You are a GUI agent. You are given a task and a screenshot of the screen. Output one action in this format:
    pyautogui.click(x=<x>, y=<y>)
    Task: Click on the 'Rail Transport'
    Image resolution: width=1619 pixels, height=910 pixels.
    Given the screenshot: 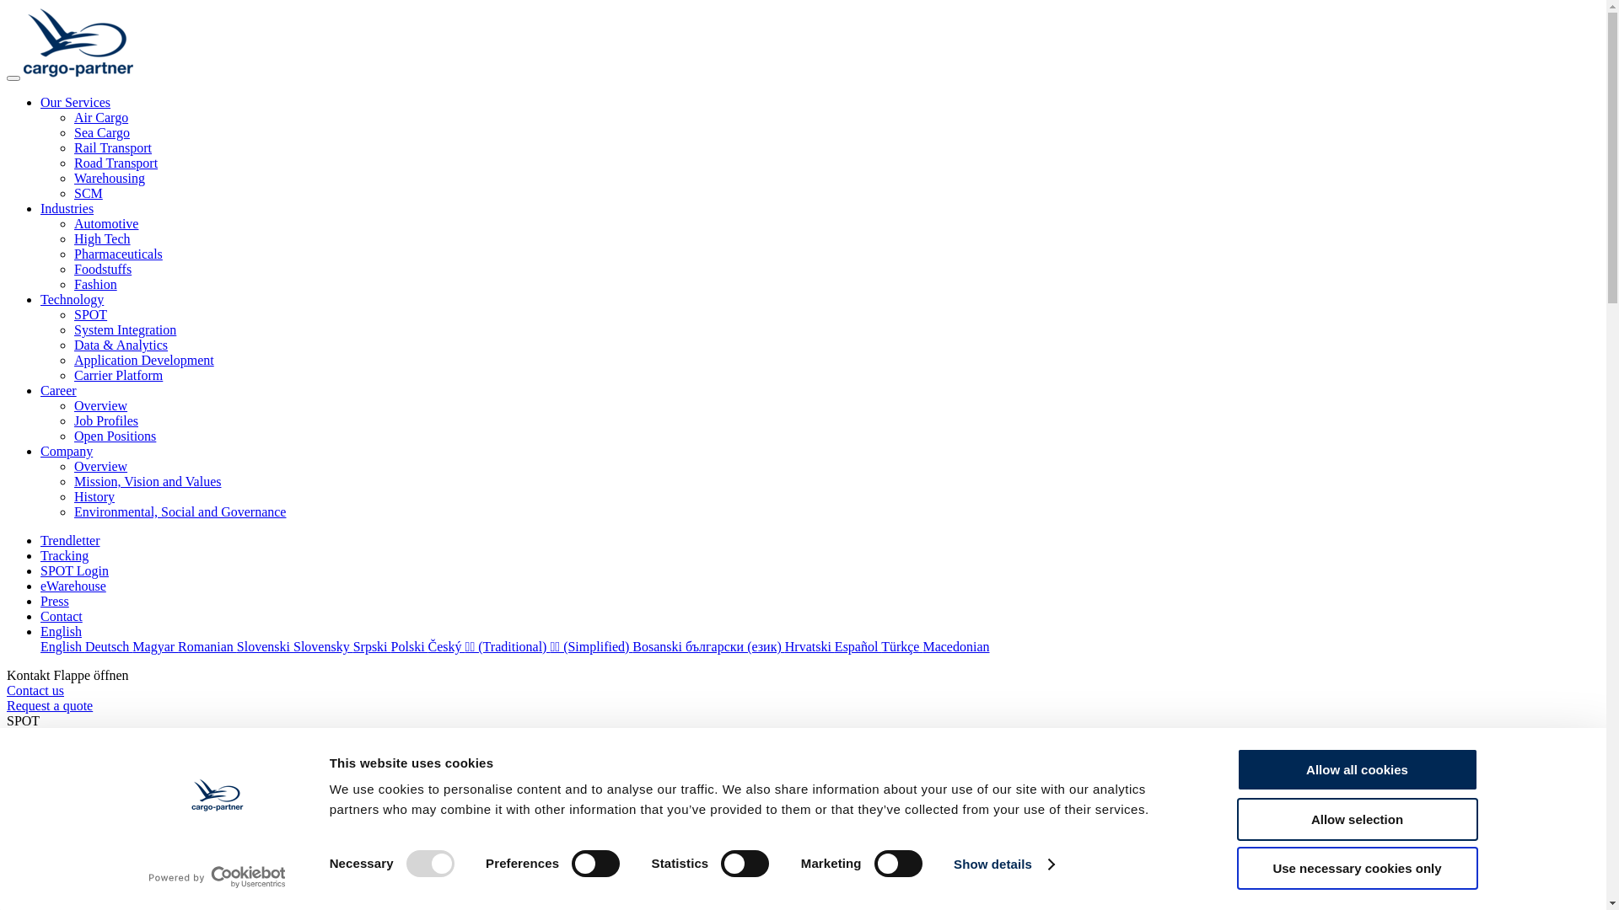 What is the action you would take?
    pyautogui.click(x=73, y=147)
    